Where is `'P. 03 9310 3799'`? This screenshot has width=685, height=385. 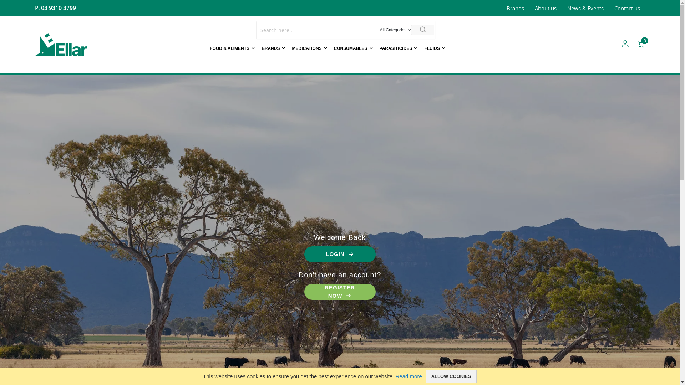
'P. 03 9310 3799' is located at coordinates (55, 8).